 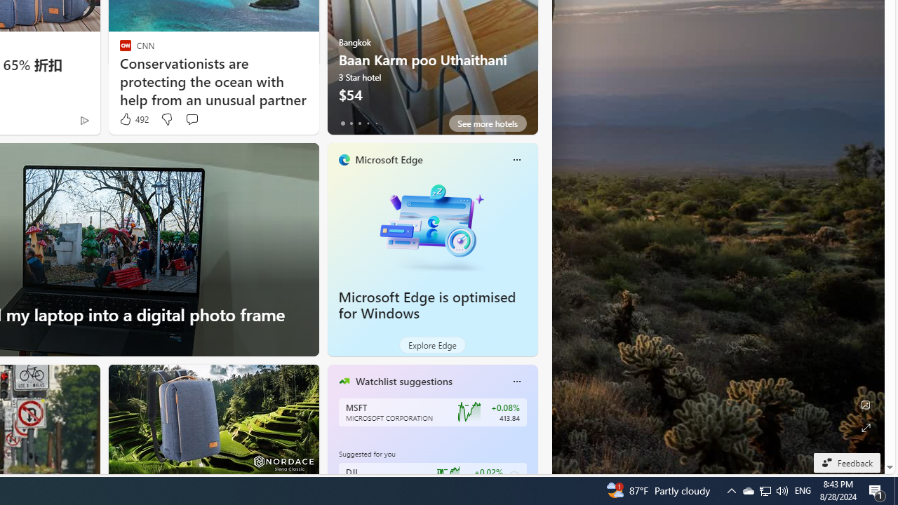 What do you see at coordinates (845, 462) in the screenshot?
I see `'Feedback'` at bounding box center [845, 462].